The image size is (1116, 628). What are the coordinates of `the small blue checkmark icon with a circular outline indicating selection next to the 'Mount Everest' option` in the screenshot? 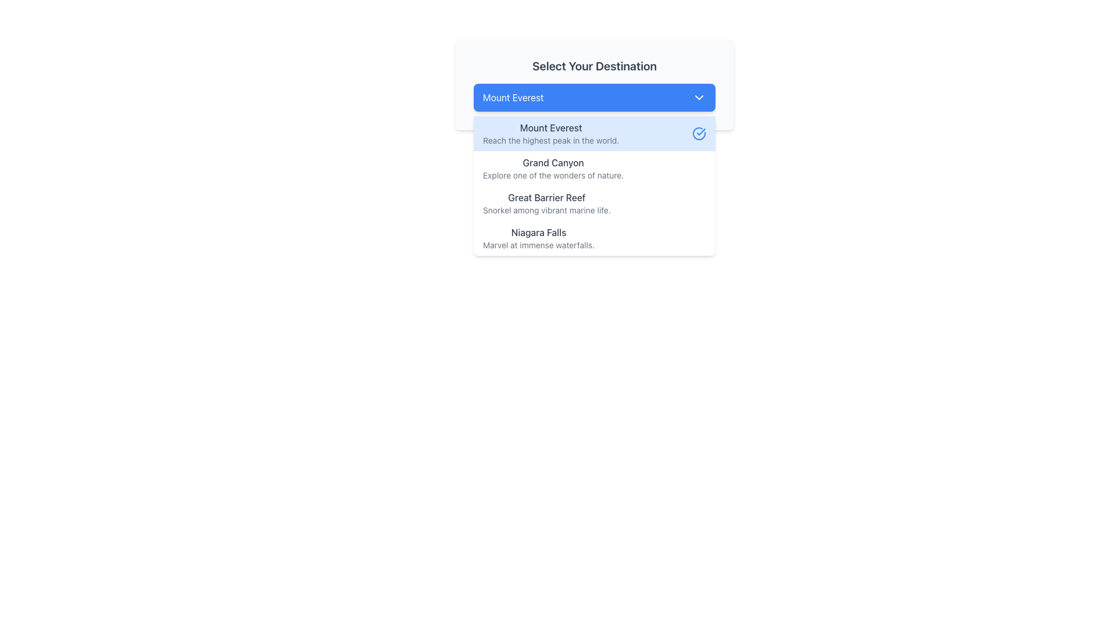 It's located at (700, 131).